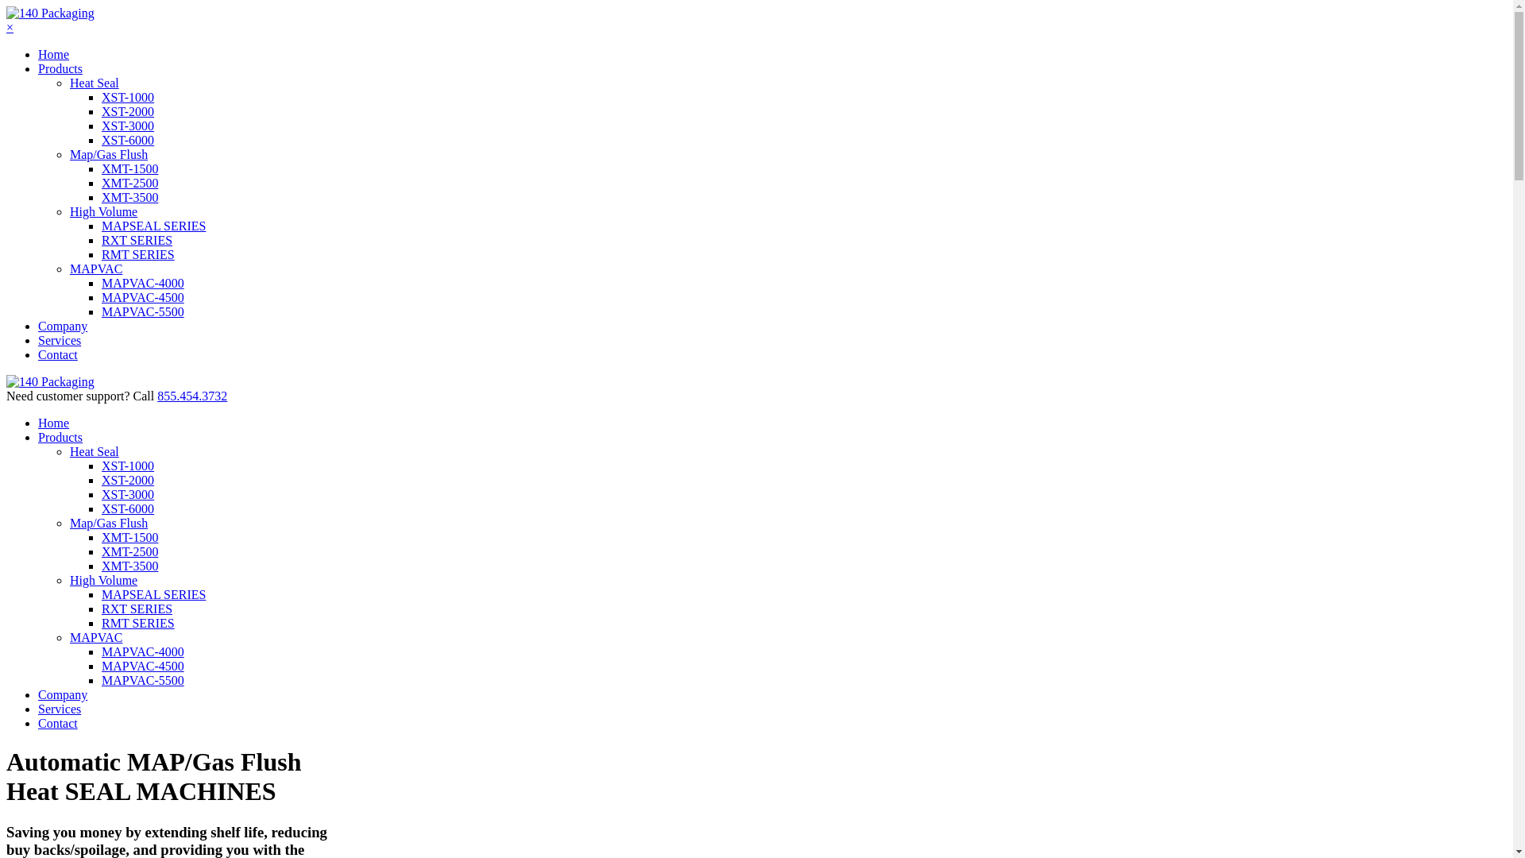 This screenshot has width=1525, height=858. I want to click on 'Contact', so click(38, 354).